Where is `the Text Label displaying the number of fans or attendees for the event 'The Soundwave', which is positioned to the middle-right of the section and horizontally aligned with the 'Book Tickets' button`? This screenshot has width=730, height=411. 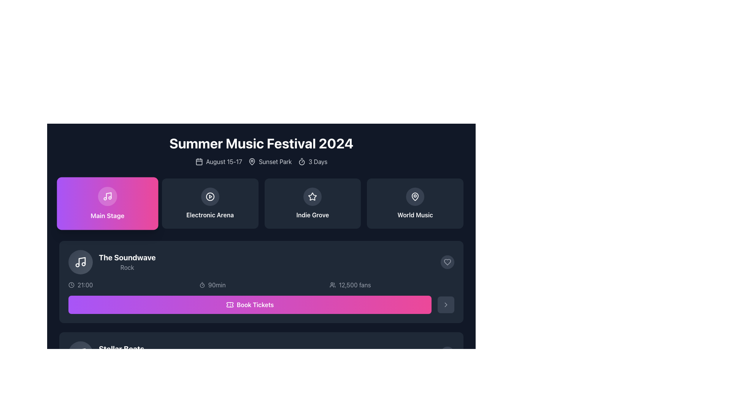
the Text Label displaying the number of fans or attendees for the event 'The Soundwave', which is positioned to the middle-right of the section and horizontally aligned with the 'Book Tickets' button is located at coordinates (354, 285).